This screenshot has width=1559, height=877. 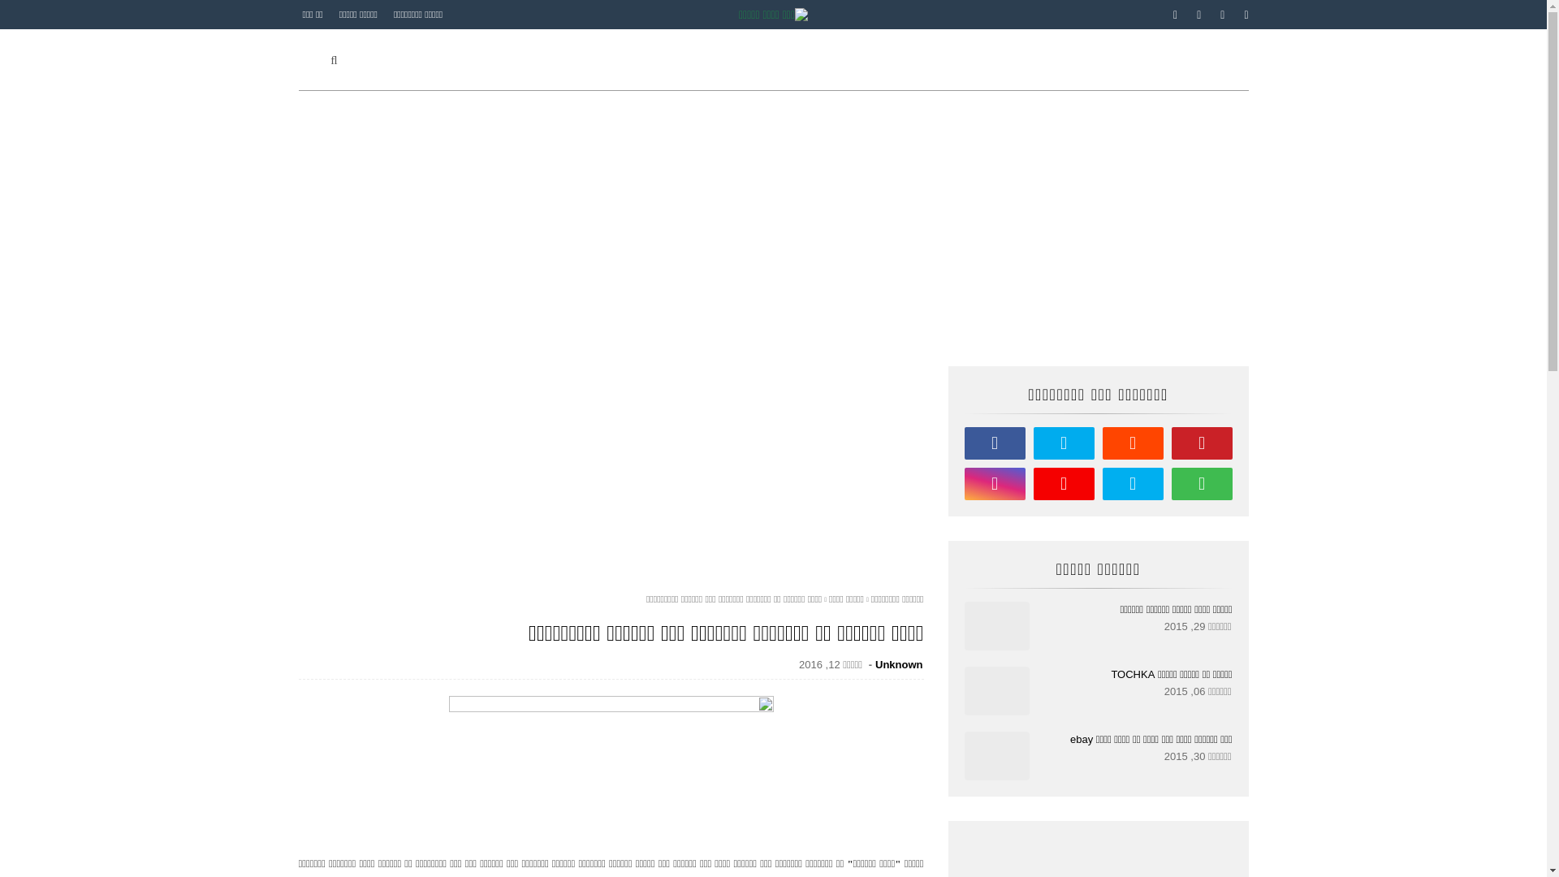 What do you see at coordinates (1198, 14) in the screenshot?
I see `'twitter'` at bounding box center [1198, 14].